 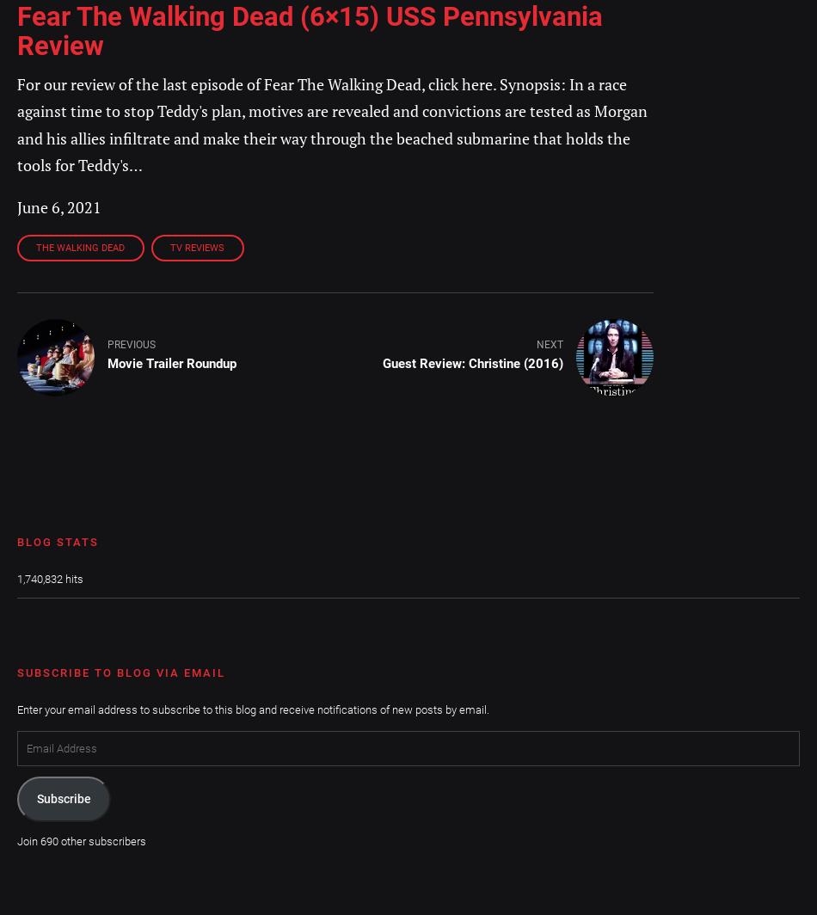 I want to click on 'Enter your email address to subscribe to this blog and receive notifications of new posts by email.', so click(x=252, y=709).